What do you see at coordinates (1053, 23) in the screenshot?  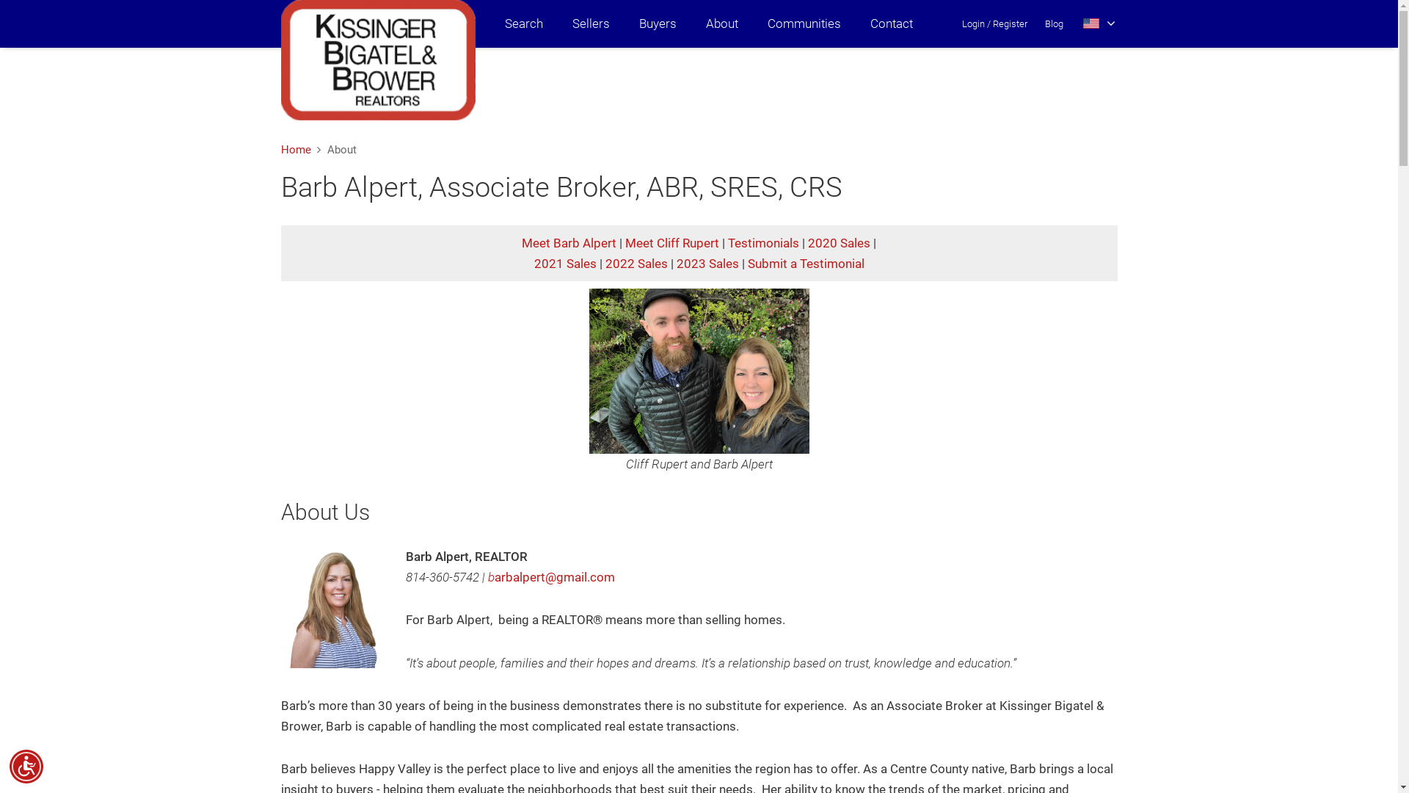 I see `'Blog'` at bounding box center [1053, 23].